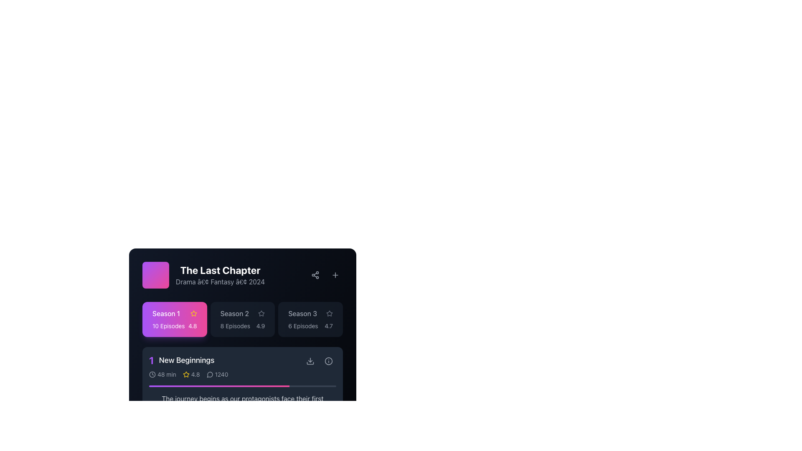 The width and height of the screenshot is (802, 451). I want to click on the Text Label indicating 'Season 1', which is located to the left of the star icon and above the episode details '10 Episodes 4.8', so click(174, 314).